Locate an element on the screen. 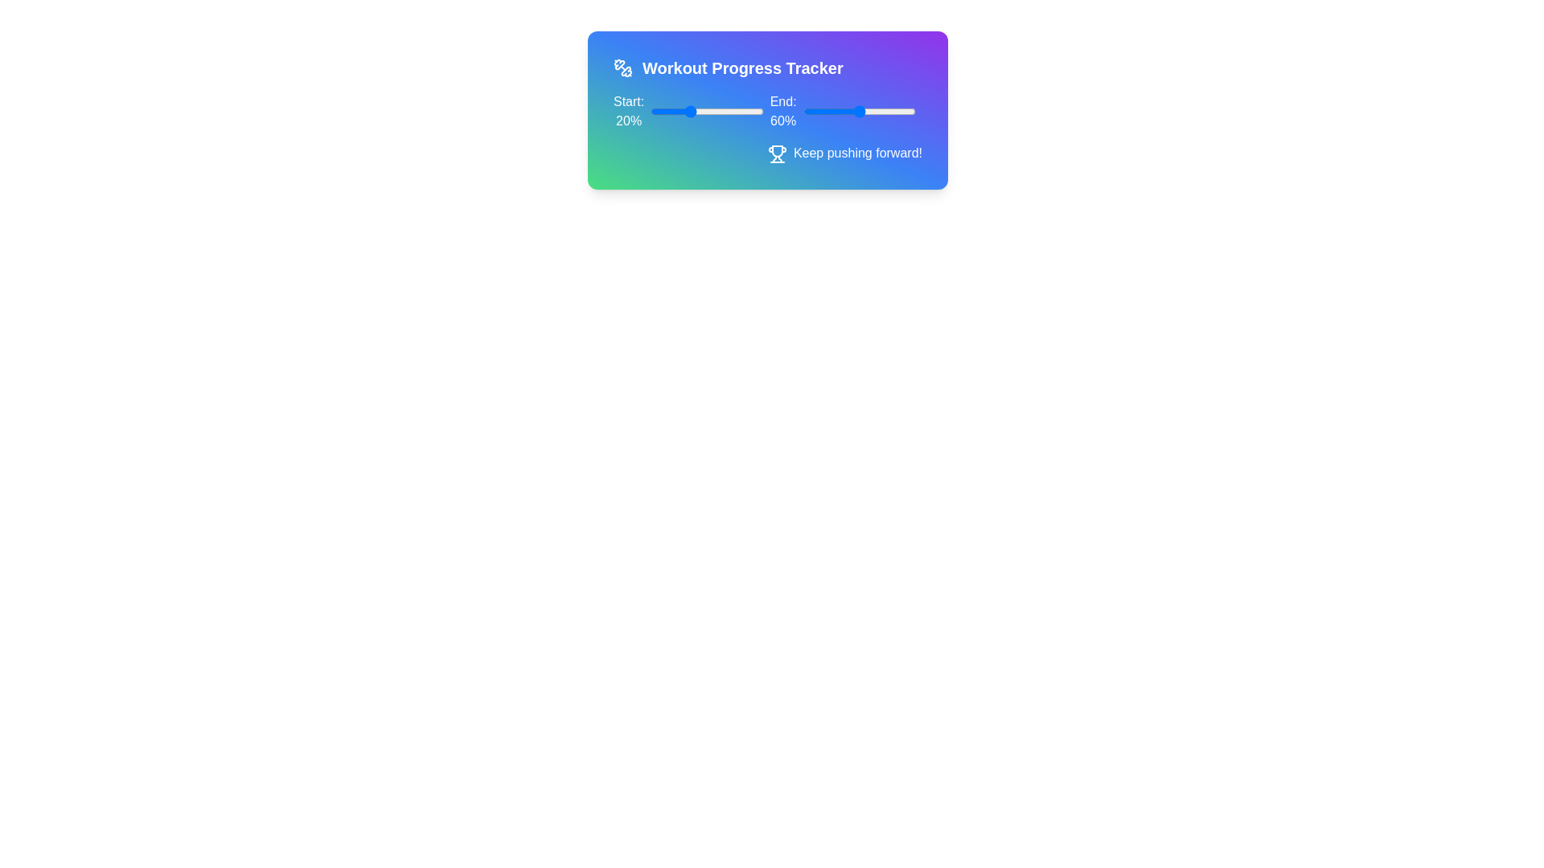 This screenshot has width=1544, height=868. the dumbbell-shaped icon located to the left of the 'Workout Progress Tracker' text in the header section is located at coordinates (622, 67).